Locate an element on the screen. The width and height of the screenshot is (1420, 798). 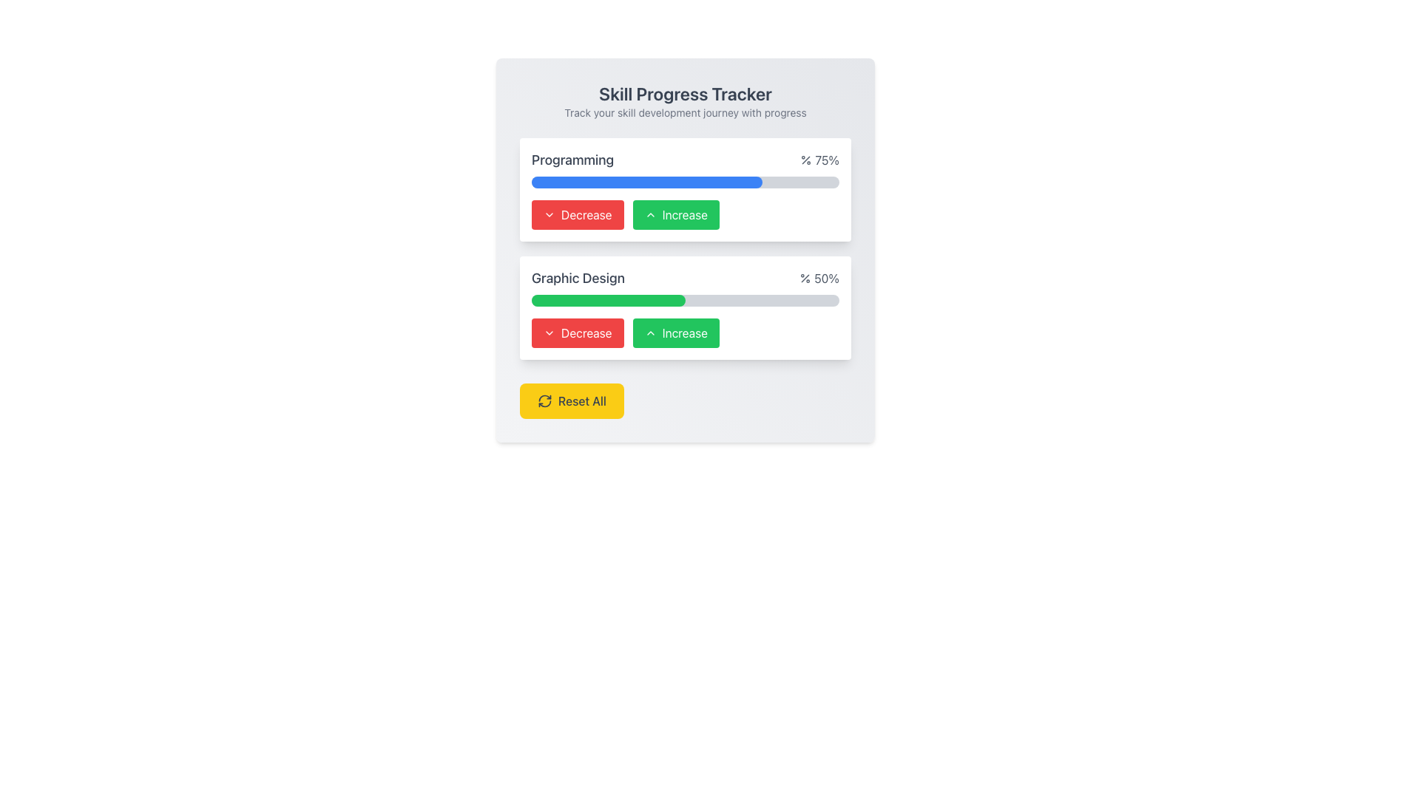
the chevron icon located within the 'Increase' button of the 'Programming' progress section in the 'Skill Progress Tracker' panel is located at coordinates (650, 214).